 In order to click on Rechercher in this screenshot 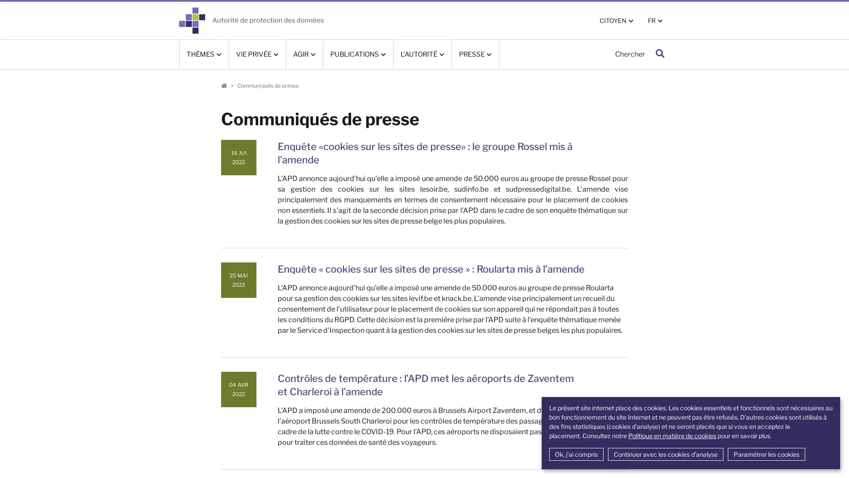, I will do `click(660, 54)`.